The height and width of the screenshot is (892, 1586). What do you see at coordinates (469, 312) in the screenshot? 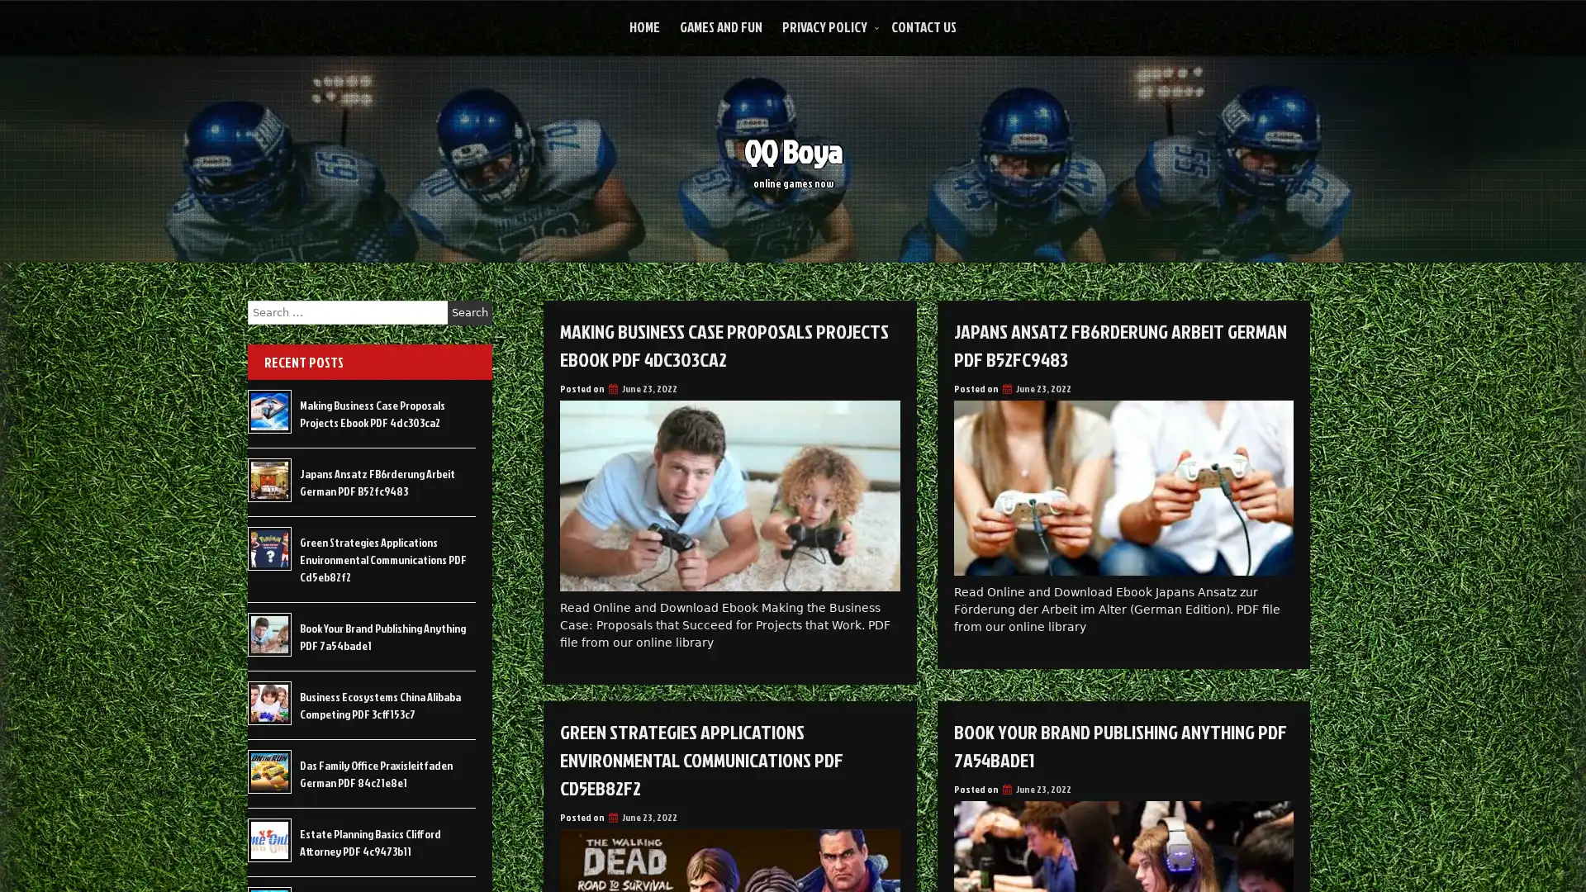
I see `Search` at bounding box center [469, 312].